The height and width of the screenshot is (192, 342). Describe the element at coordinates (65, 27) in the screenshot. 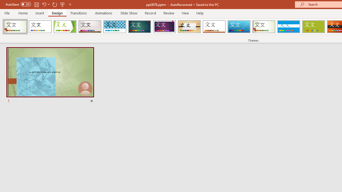

I see `'Facet'` at that location.